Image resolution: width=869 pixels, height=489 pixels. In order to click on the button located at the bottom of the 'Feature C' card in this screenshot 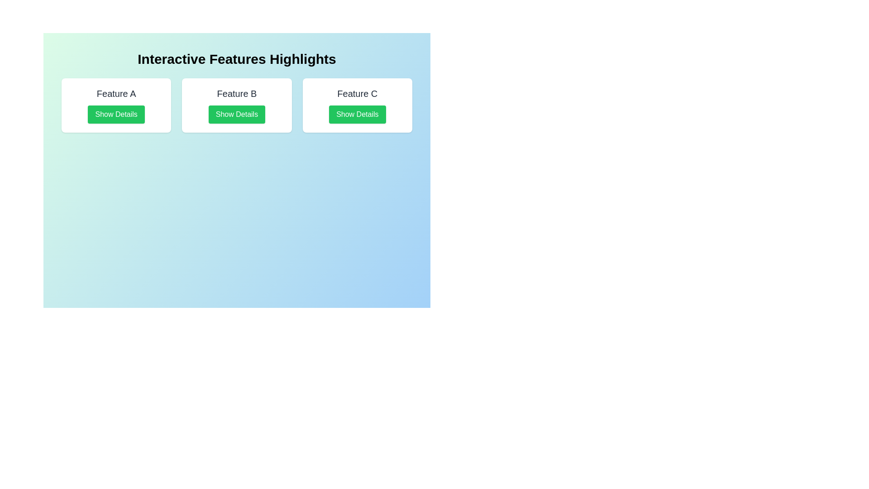, I will do `click(357, 114)`.